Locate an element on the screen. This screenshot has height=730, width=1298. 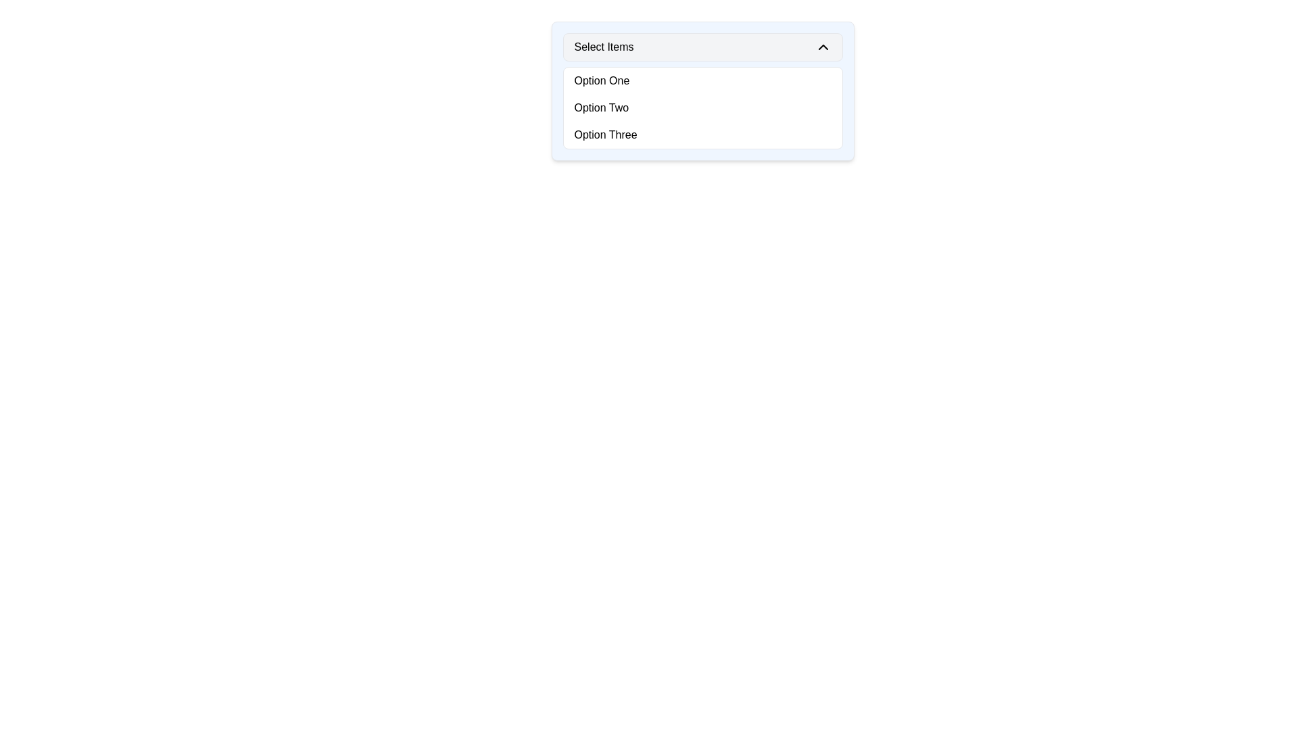
the upward arrow icon located in the rightmost area of the dropdown's header section, adjacent to the text 'Select Items' is located at coordinates (822, 46).